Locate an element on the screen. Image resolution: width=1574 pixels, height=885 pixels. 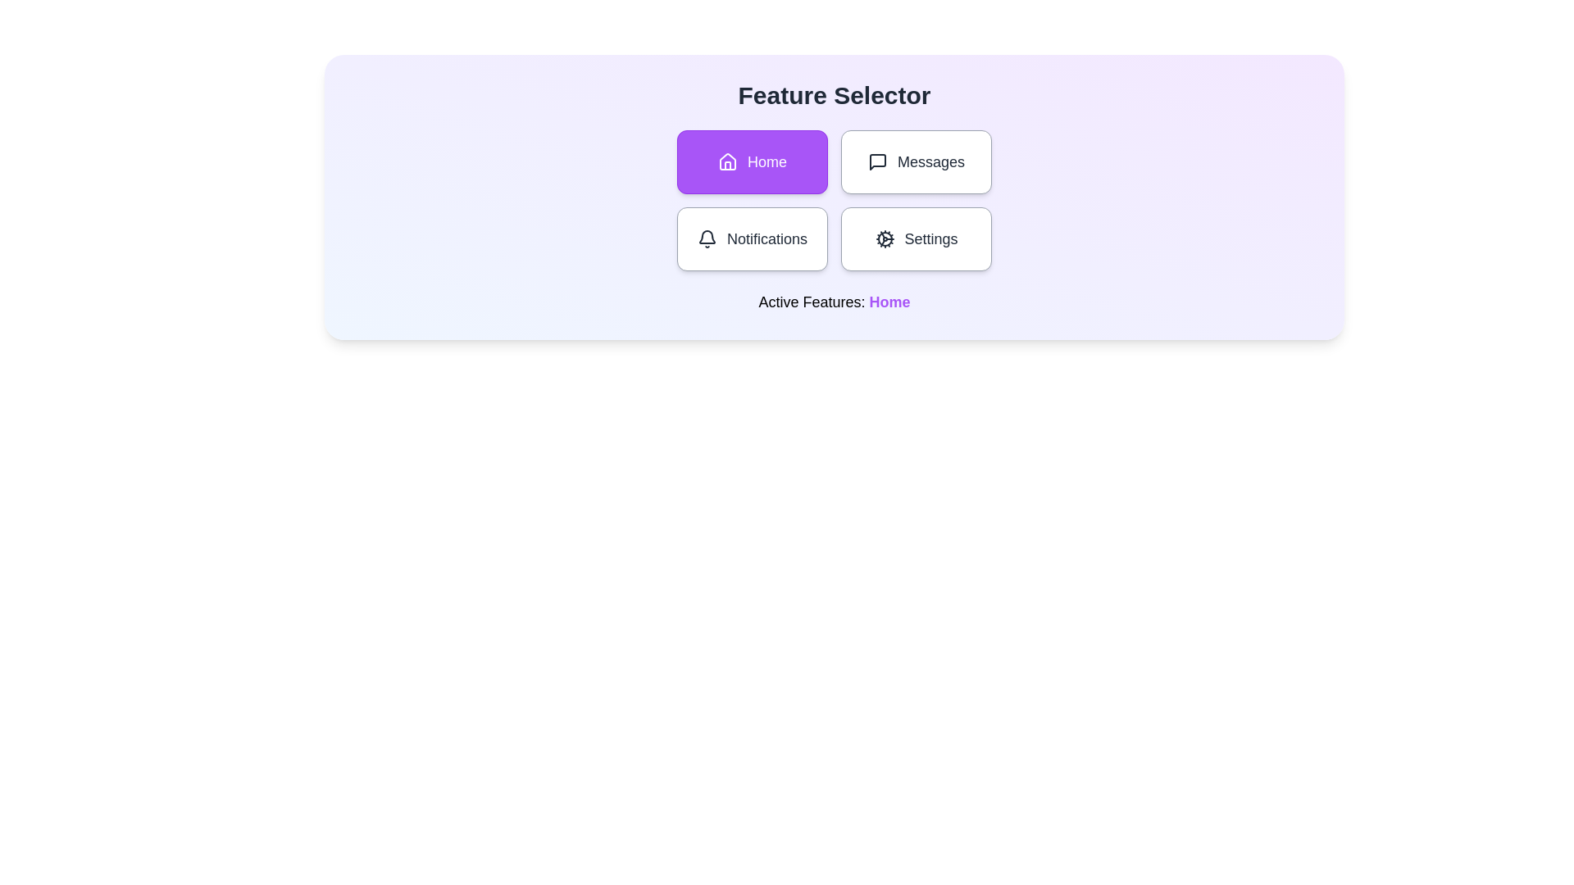
the settings button located in the bottom-right position of the 2x2 grid layout to trigger the hover effect is located at coordinates (916, 239).